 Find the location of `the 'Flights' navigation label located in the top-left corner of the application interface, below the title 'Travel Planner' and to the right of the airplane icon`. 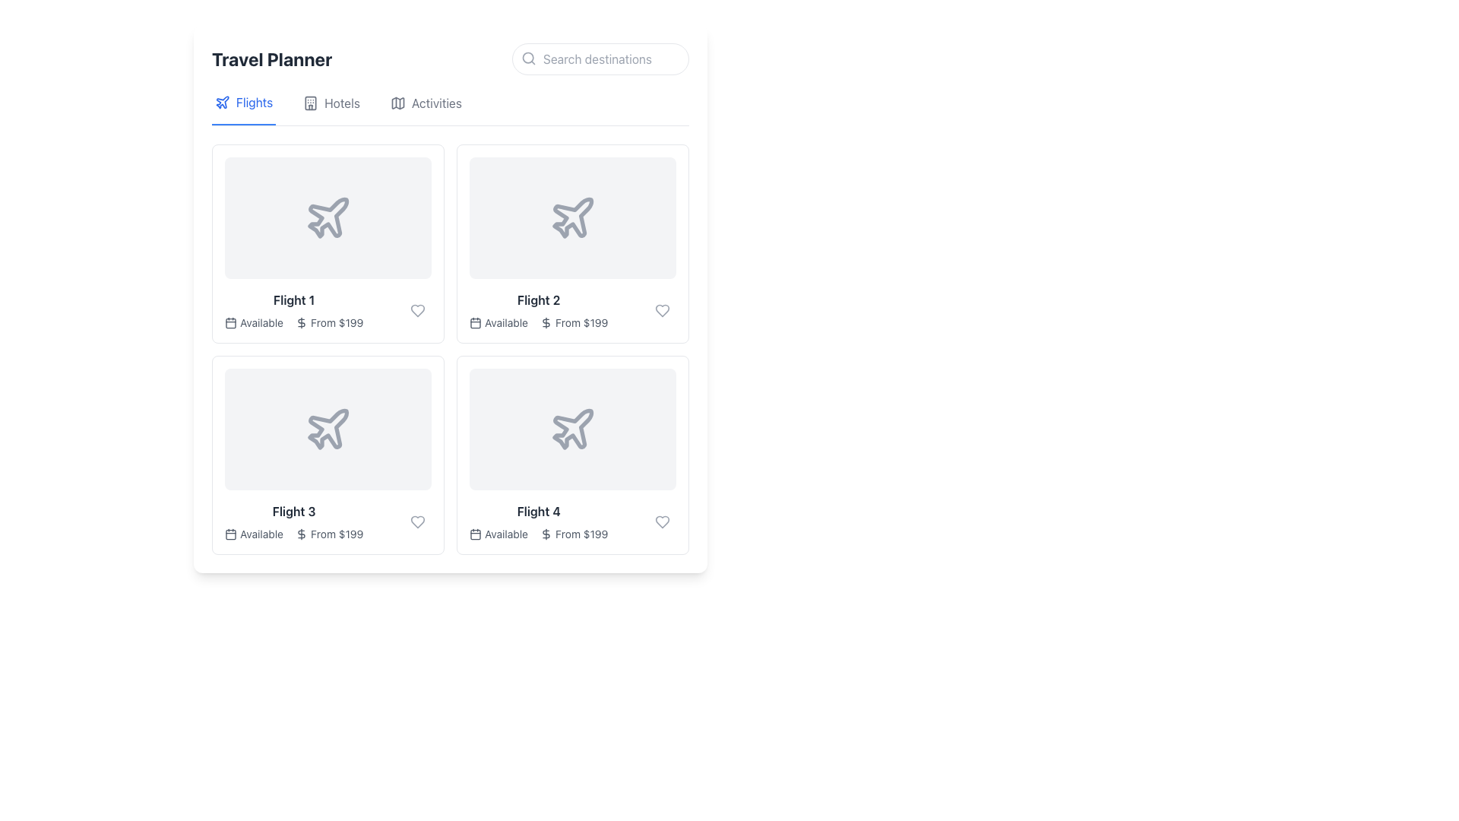

the 'Flights' navigation label located in the top-left corner of the application interface, below the title 'Travel Planner' and to the right of the airplane icon is located at coordinates (255, 103).